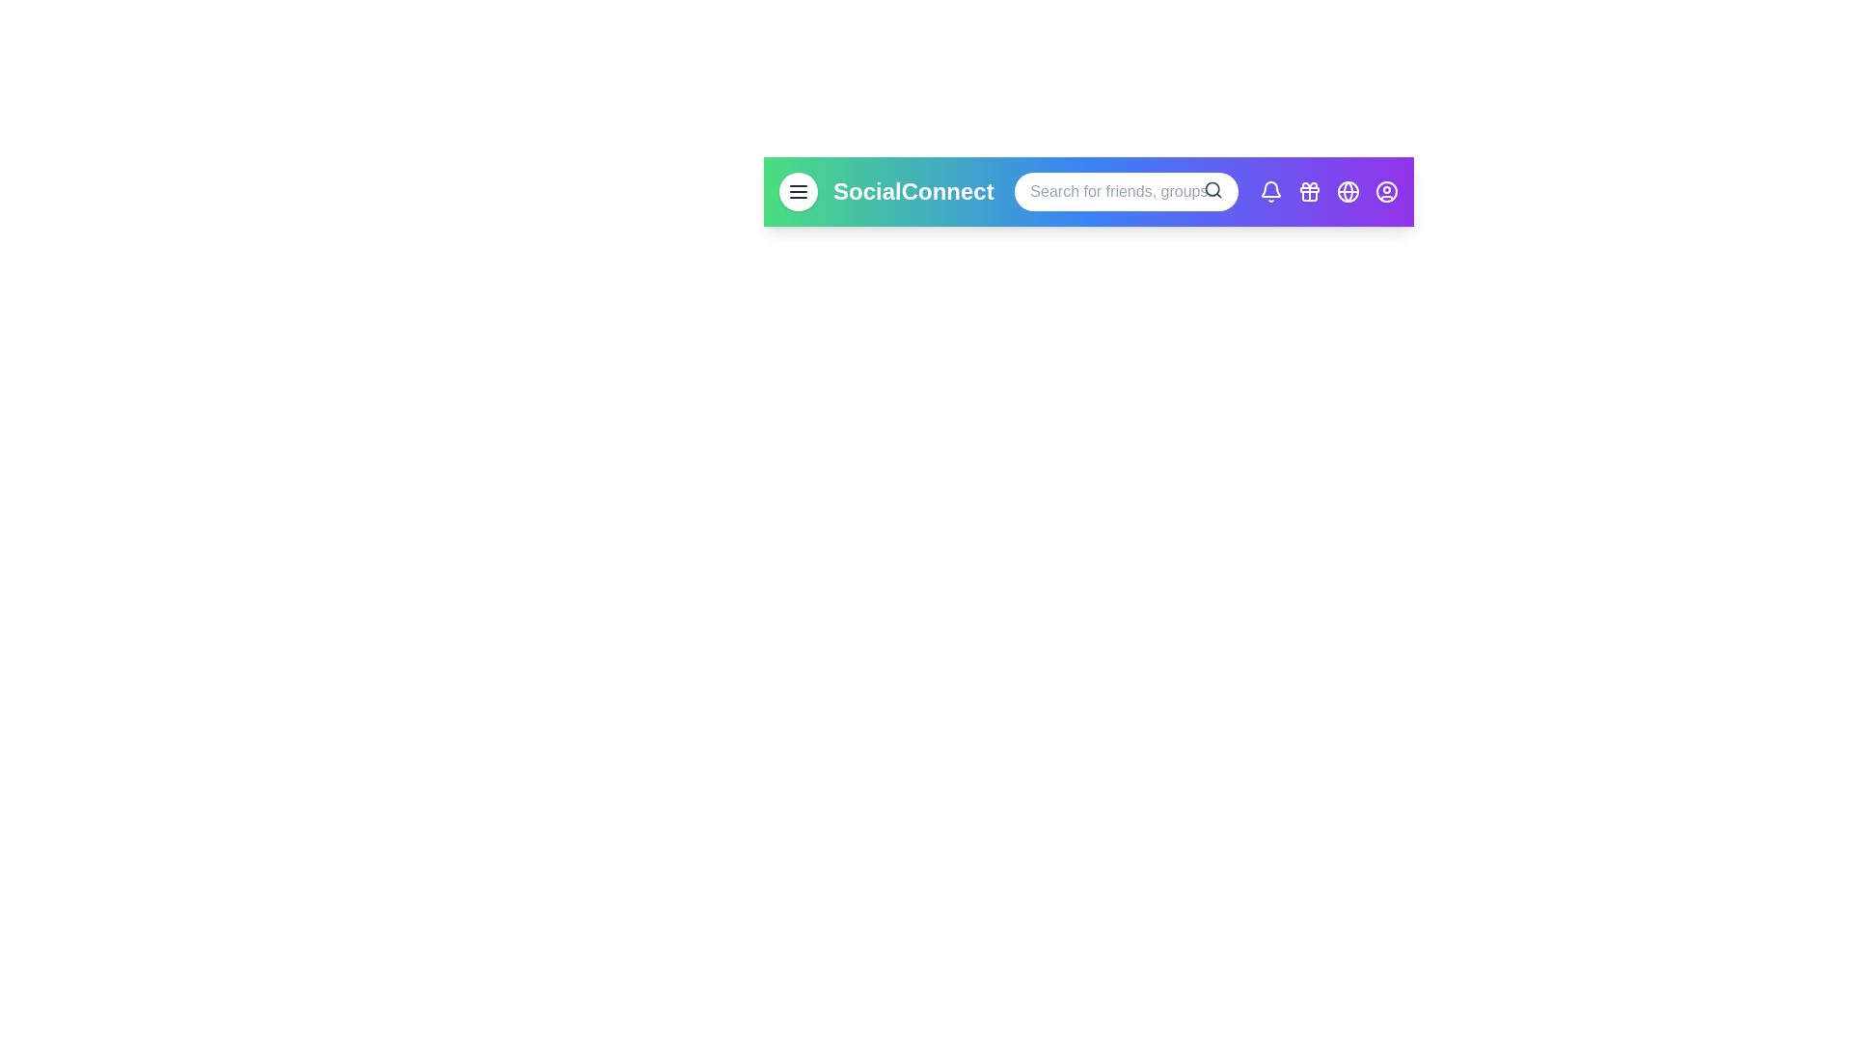 The width and height of the screenshot is (1852, 1042). Describe the element at coordinates (1270, 192) in the screenshot. I see `the notifications button` at that location.